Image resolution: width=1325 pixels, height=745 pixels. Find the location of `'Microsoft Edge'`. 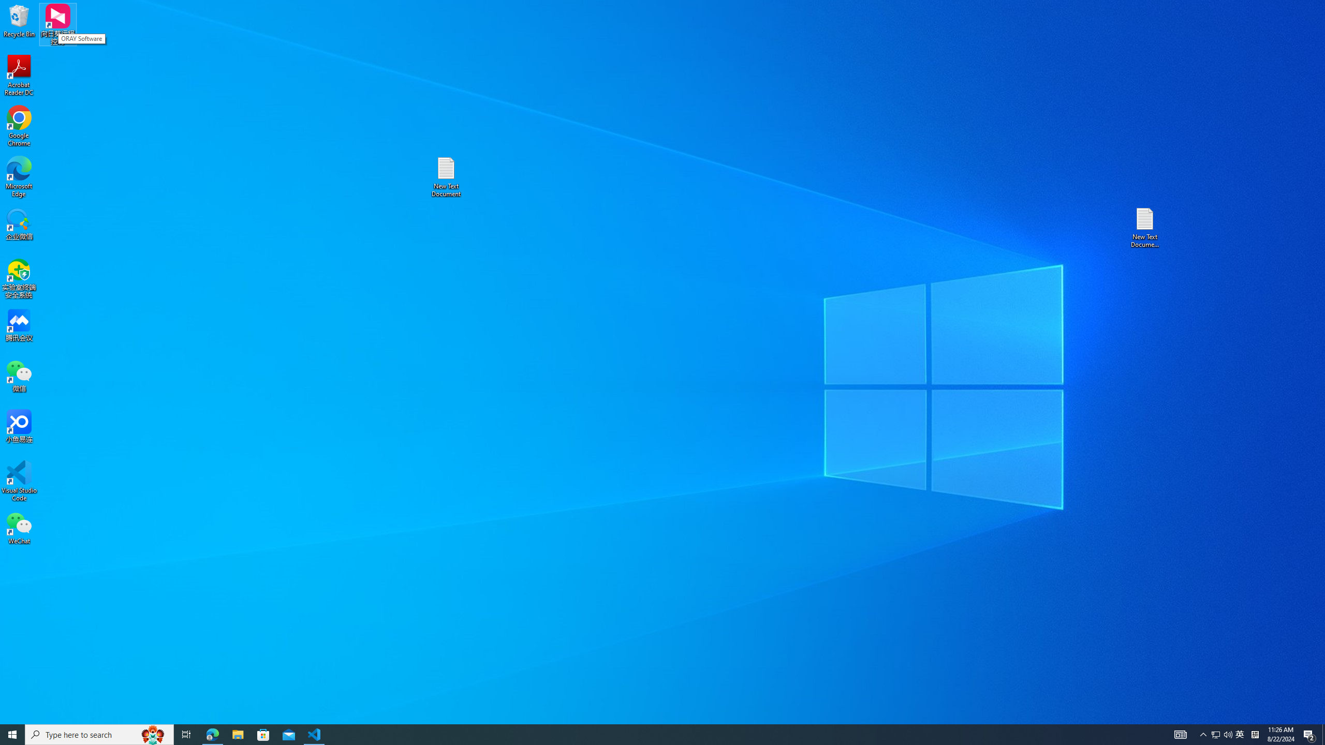

'Microsoft Edge' is located at coordinates (19, 176).